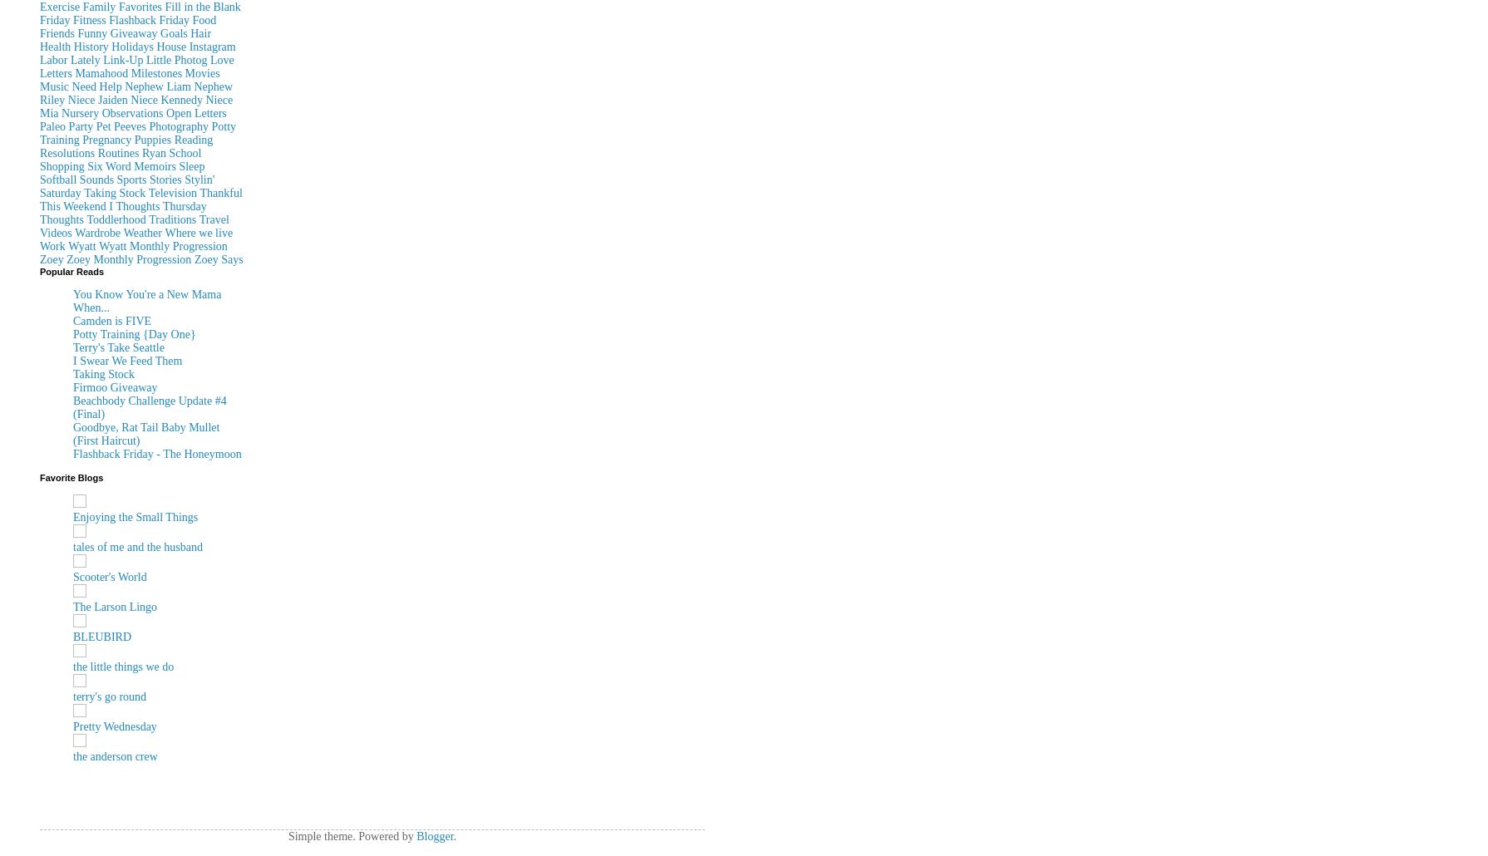 This screenshot has width=1488, height=856. What do you see at coordinates (171, 47) in the screenshot?
I see `'House'` at bounding box center [171, 47].